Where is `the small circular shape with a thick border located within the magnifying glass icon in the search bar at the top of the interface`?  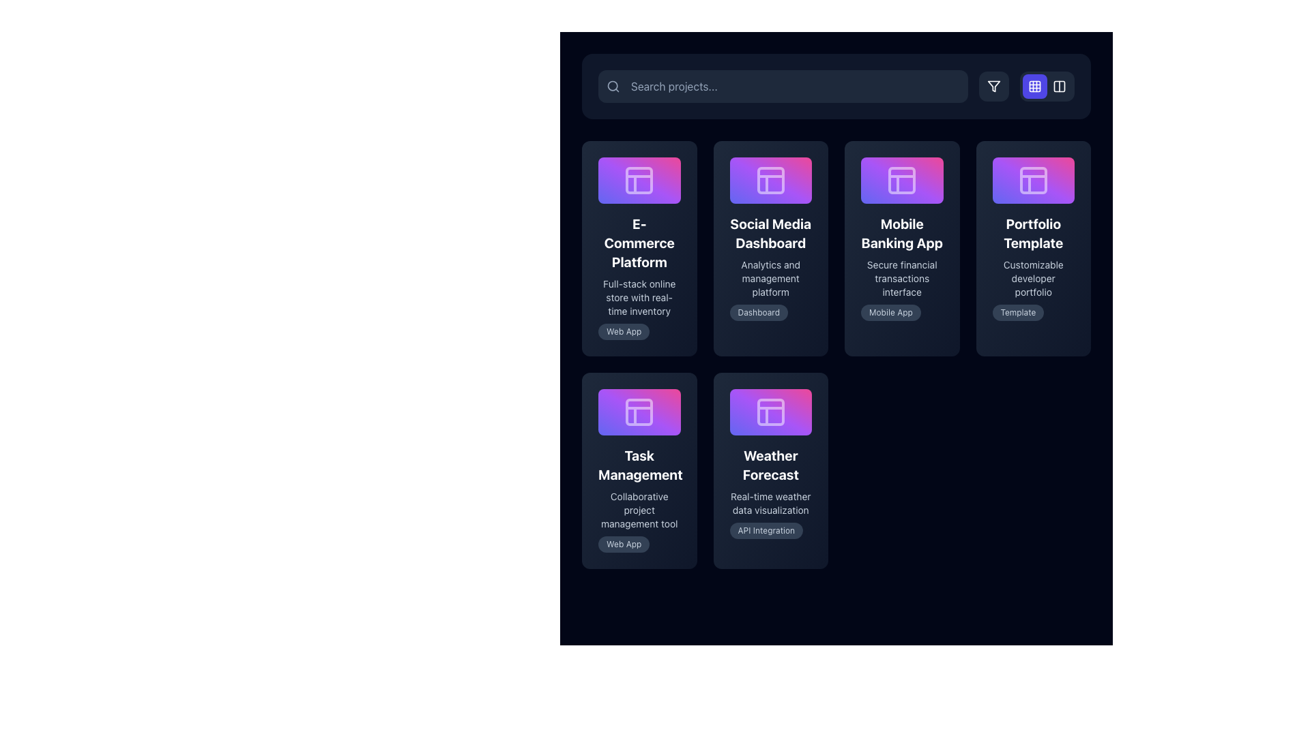
the small circular shape with a thick border located within the magnifying glass icon in the search bar at the top of the interface is located at coordinates (612, 86).